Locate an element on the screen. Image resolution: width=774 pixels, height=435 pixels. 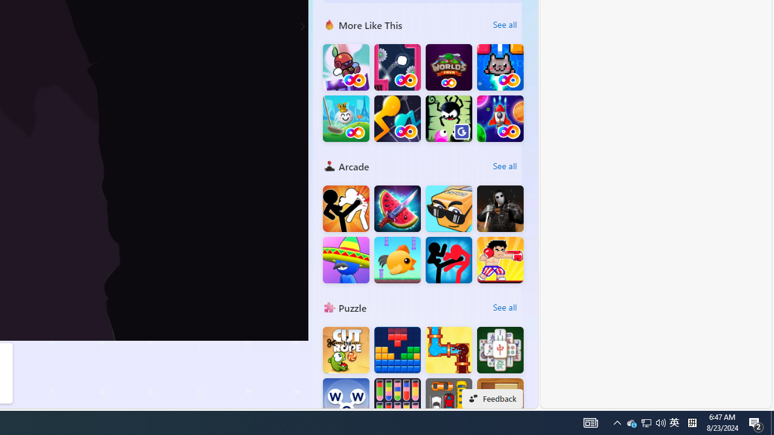
'Kitten Force FRVR' is located at coordinates (500, 67).